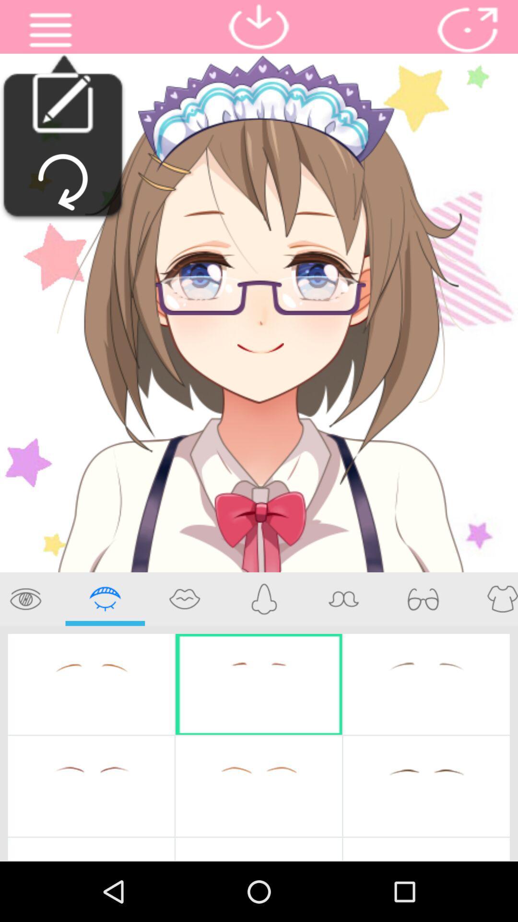 The height and width of the screenshot is (922, 518). What do you see at coordinates (62, 110) in the screenshot?
I see `the edit icon` at bounding box center [62, 110].